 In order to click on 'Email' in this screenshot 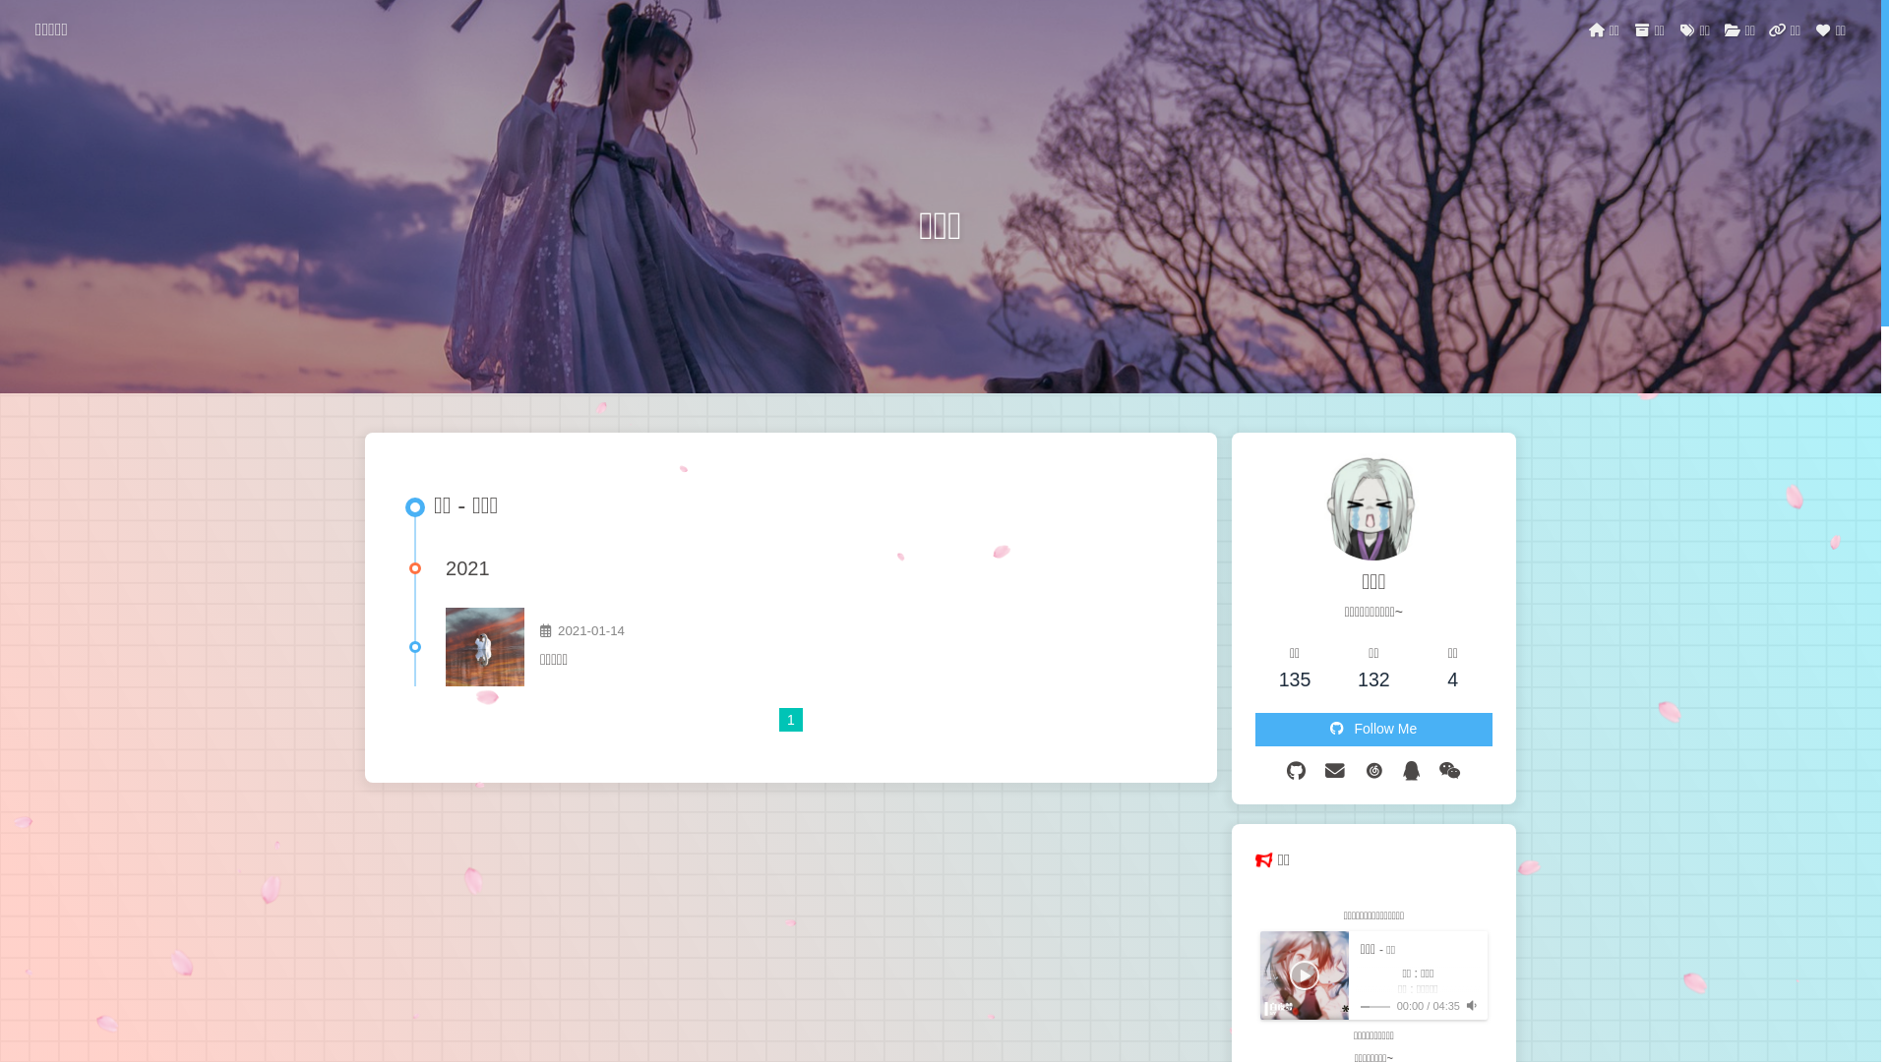, I will do `click(1335, 769)`.